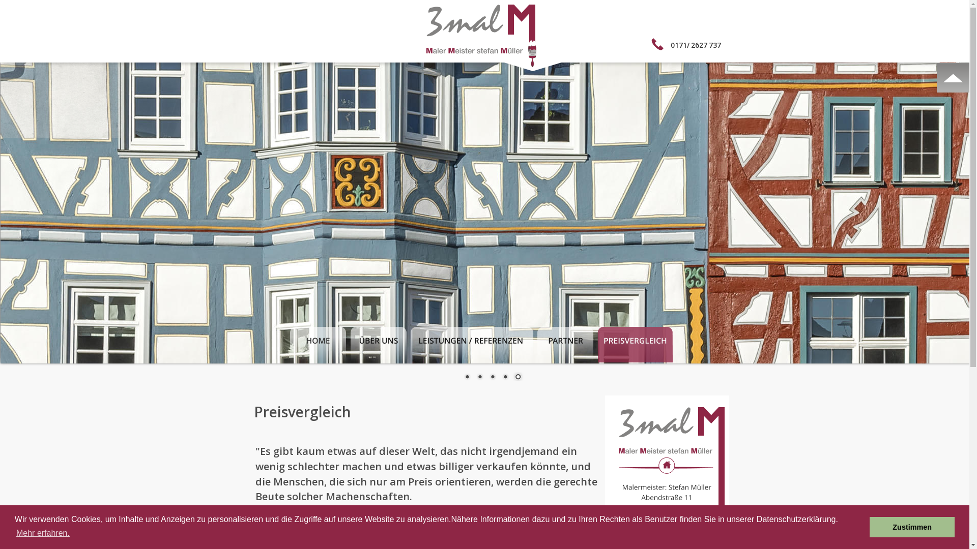 The width and height of the screenshot is (977, 549). I want to click on '26', so click(695, 44).